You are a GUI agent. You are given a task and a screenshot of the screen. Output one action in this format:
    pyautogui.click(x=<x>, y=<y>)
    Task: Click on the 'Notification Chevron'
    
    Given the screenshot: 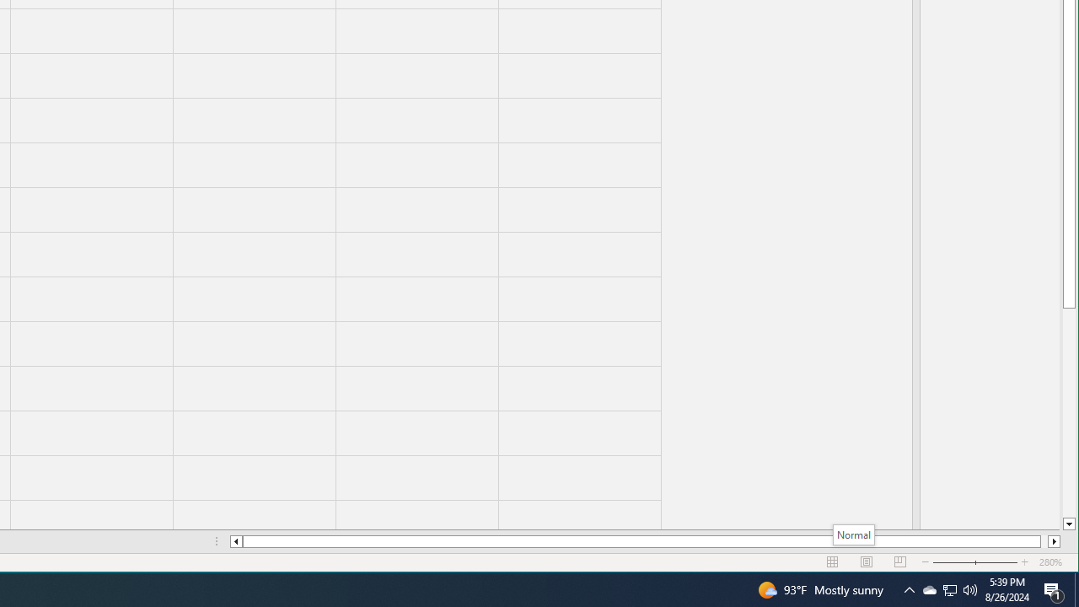 What is the action you would take?
    pyautogui.click(x=909, y=588)
    